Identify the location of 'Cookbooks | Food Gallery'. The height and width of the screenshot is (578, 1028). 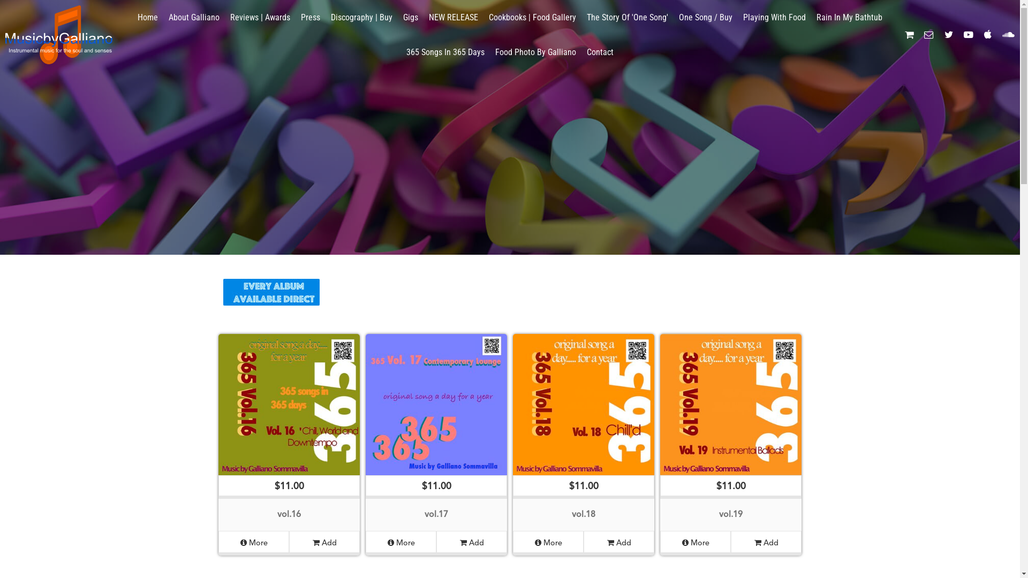
(532, 17).